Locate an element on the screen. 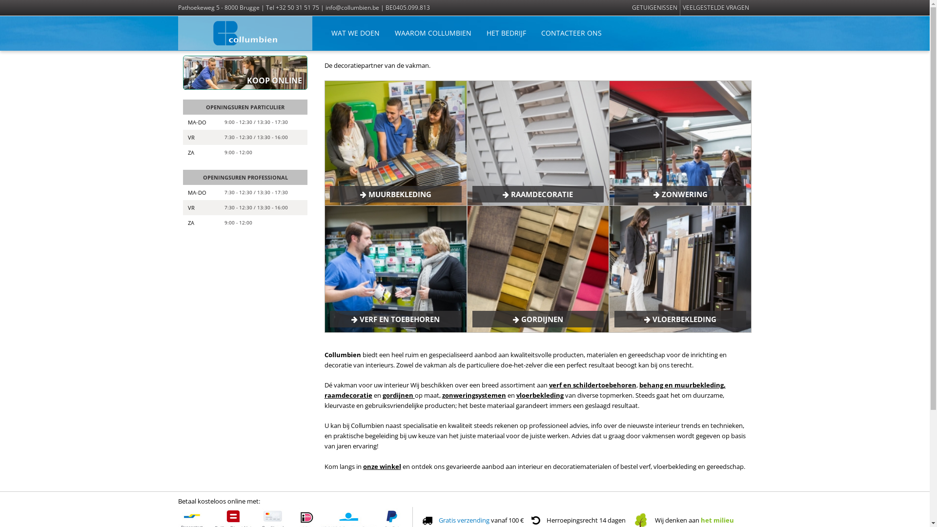 This screenshot has height=527, width=937. 'info@collumbien.be' is located at coordinates (326, 7).